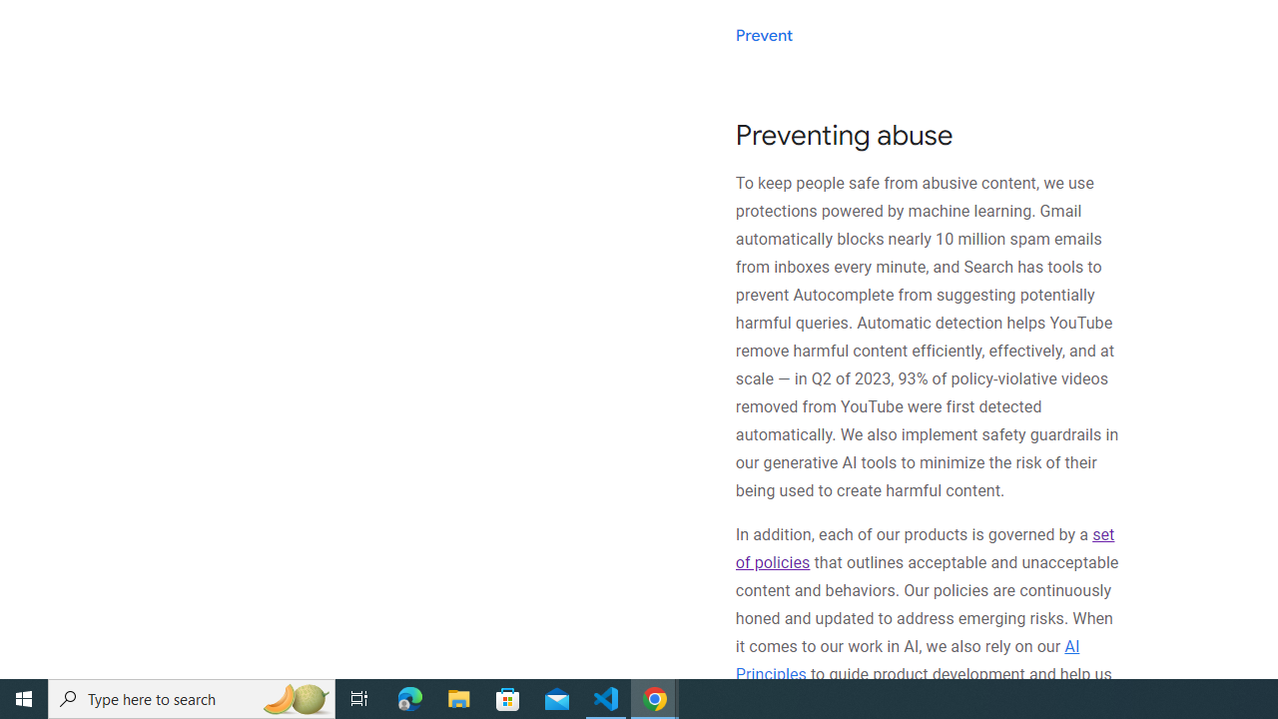 The width and height of the screenshot is (1278, 719). Describe the element at coordinates (906, 660) in the screenshot. I see `'AI Principles'` at that location.